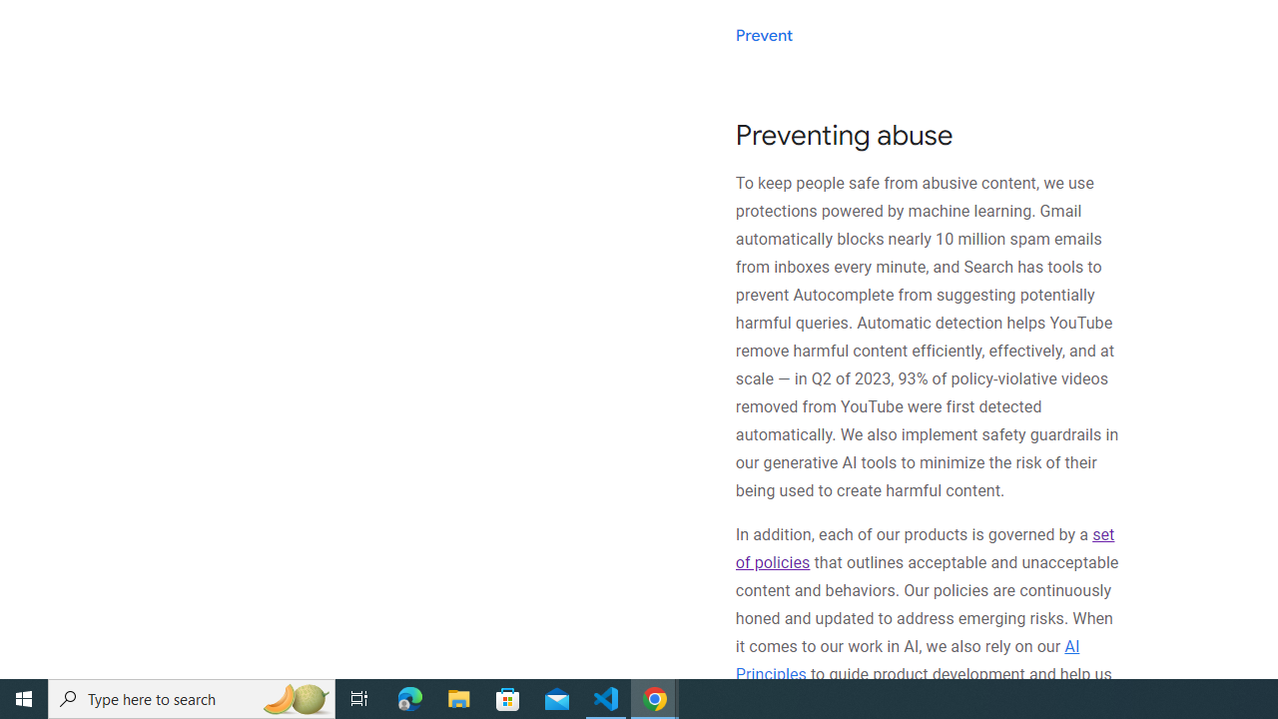 The width and height of the screenshot is (1278, 719). Describe the element at coordinates (906, 660) in the screenshot. I see `'AI Principles'` at that location.